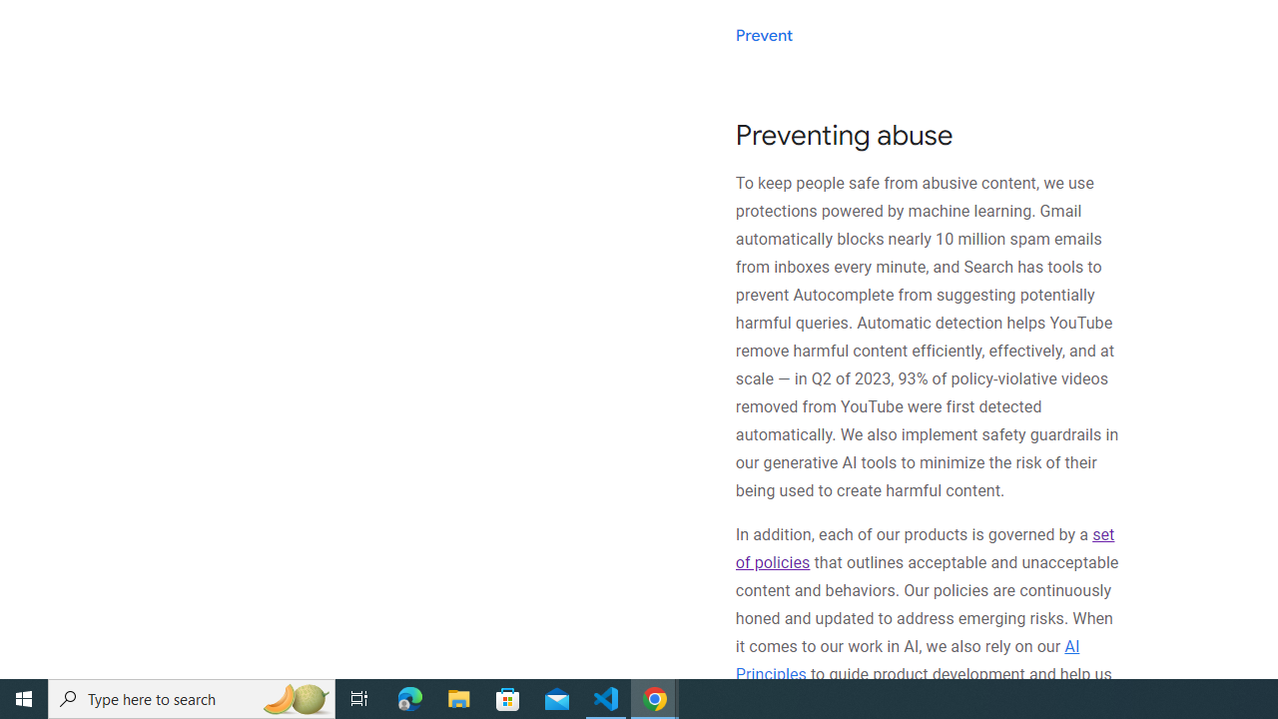 The width and height of the screenshot is (1278, 719). Describe the element at coordinates (906, 660) in the screenshot. I see `'AI Principles'` at that location.